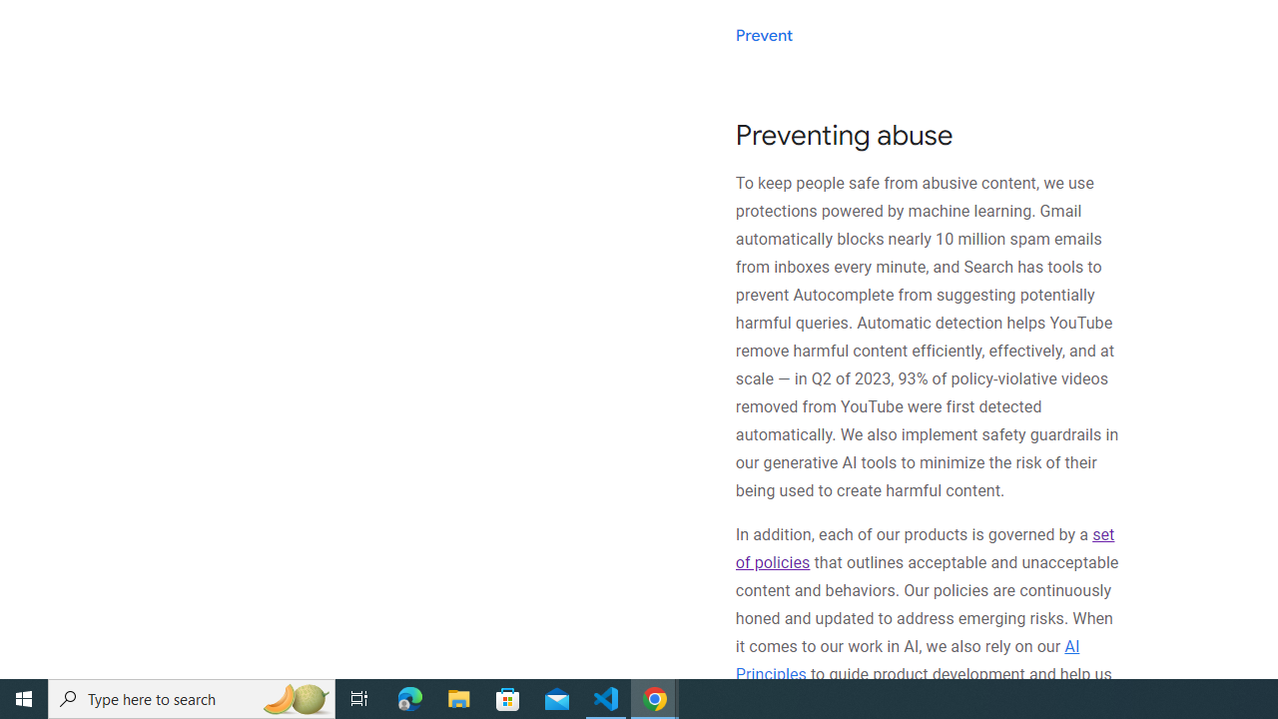 The width and height of the screenshot is (1278, 719). Describe the element at coordinates (906, 660) in the screenshot. I see `'AI Principles'` at that location.